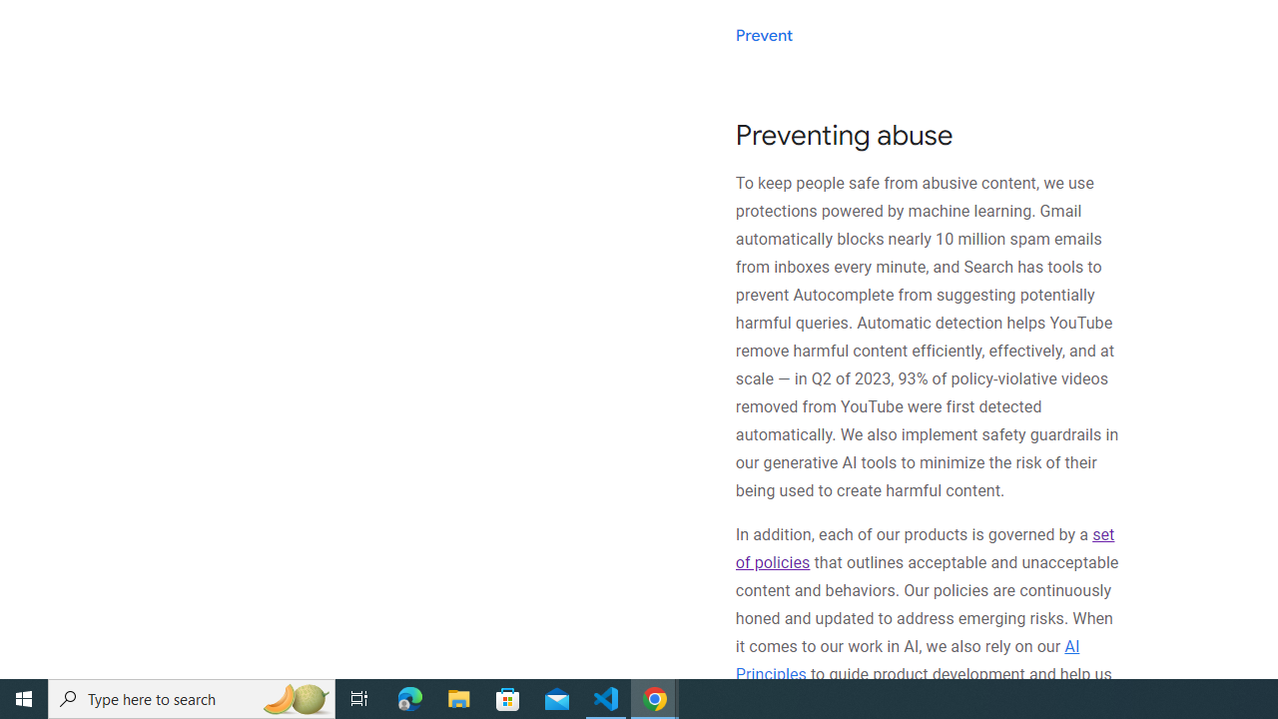 The width and height of the screenshot is (1278, 719). Describe the element at coordinates (906, 660) in the screenshot. I see `'AI Principles'` at that location.